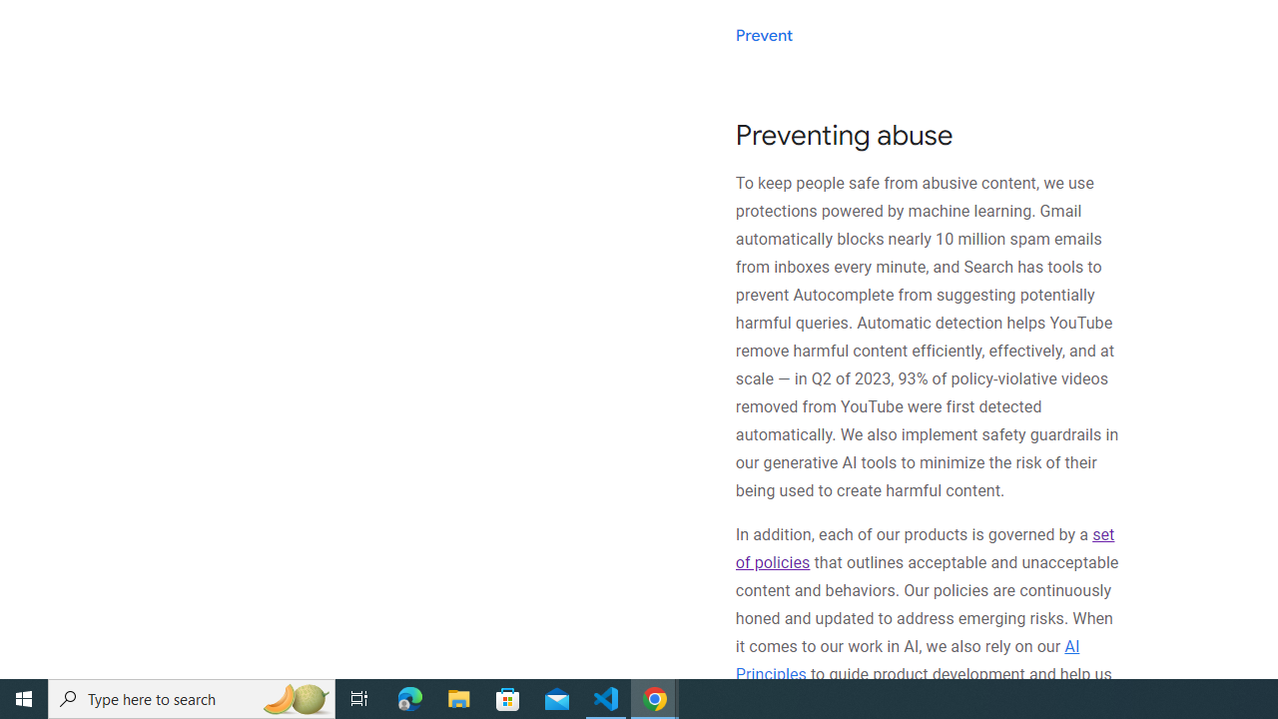 The width and height of the screenshot is (1278, 719). Describe the element at coordinates (906, 660) in the screenshot. I see `'AI Principles'` at that location.